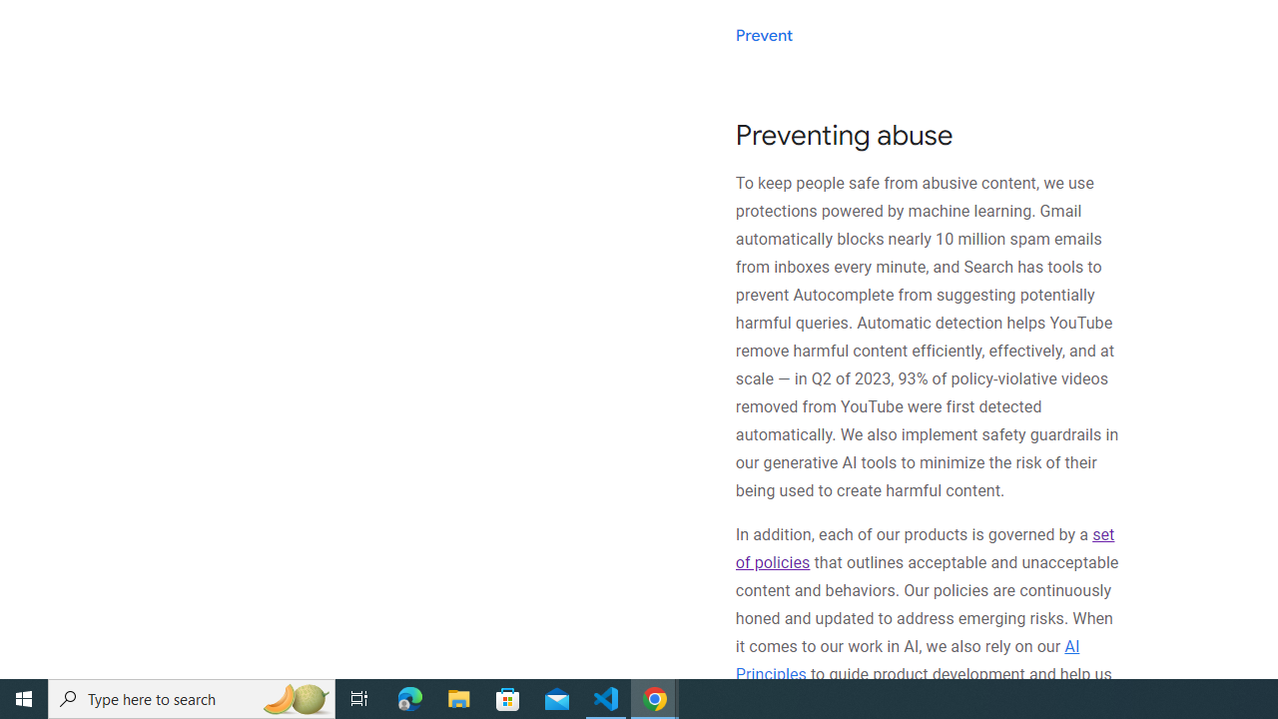 The width and height of the screenshot is (1278, 719). Describe the element at coordinates (906, 660) in the screenshot. I see `'AI Principles'` at that location.